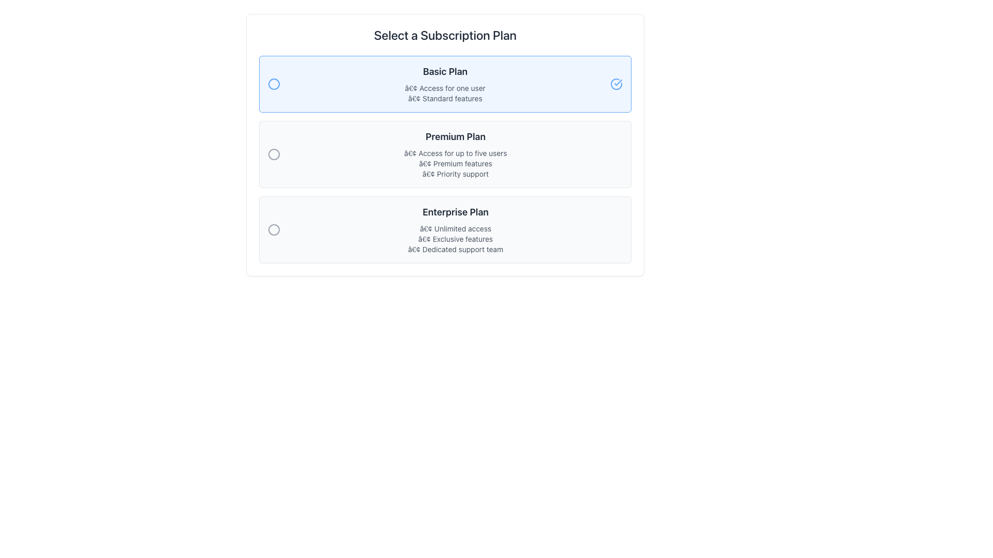 This screenshot has height=558, width=993. I want to click on text content of the 'Enterprise Plan' title label, which is positioned at the top of the subscription option card, so click(455, 212).